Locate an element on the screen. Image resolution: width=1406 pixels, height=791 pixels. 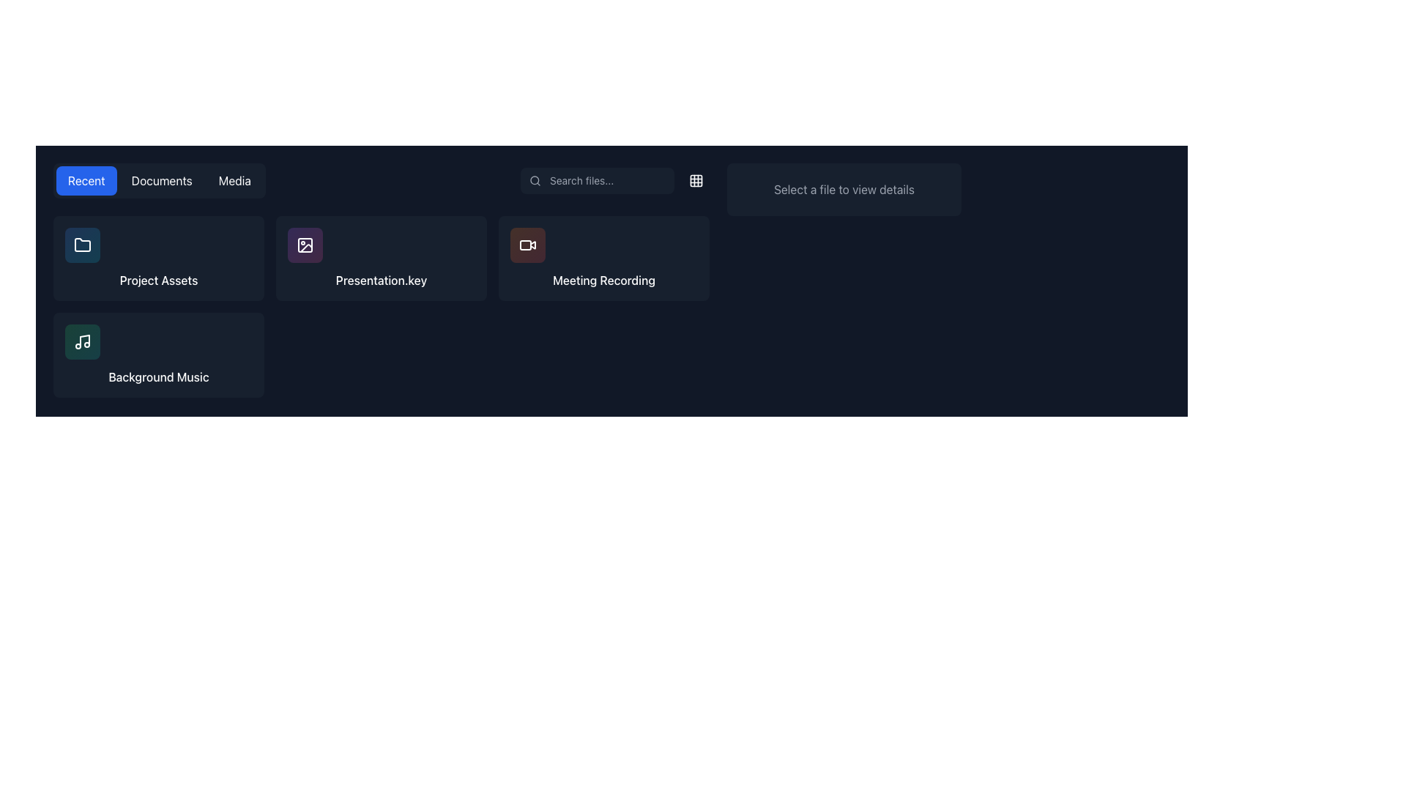
the visual identification button for an image file located in the upper row, second column of the grid layout is located at coordinates (305, 245).